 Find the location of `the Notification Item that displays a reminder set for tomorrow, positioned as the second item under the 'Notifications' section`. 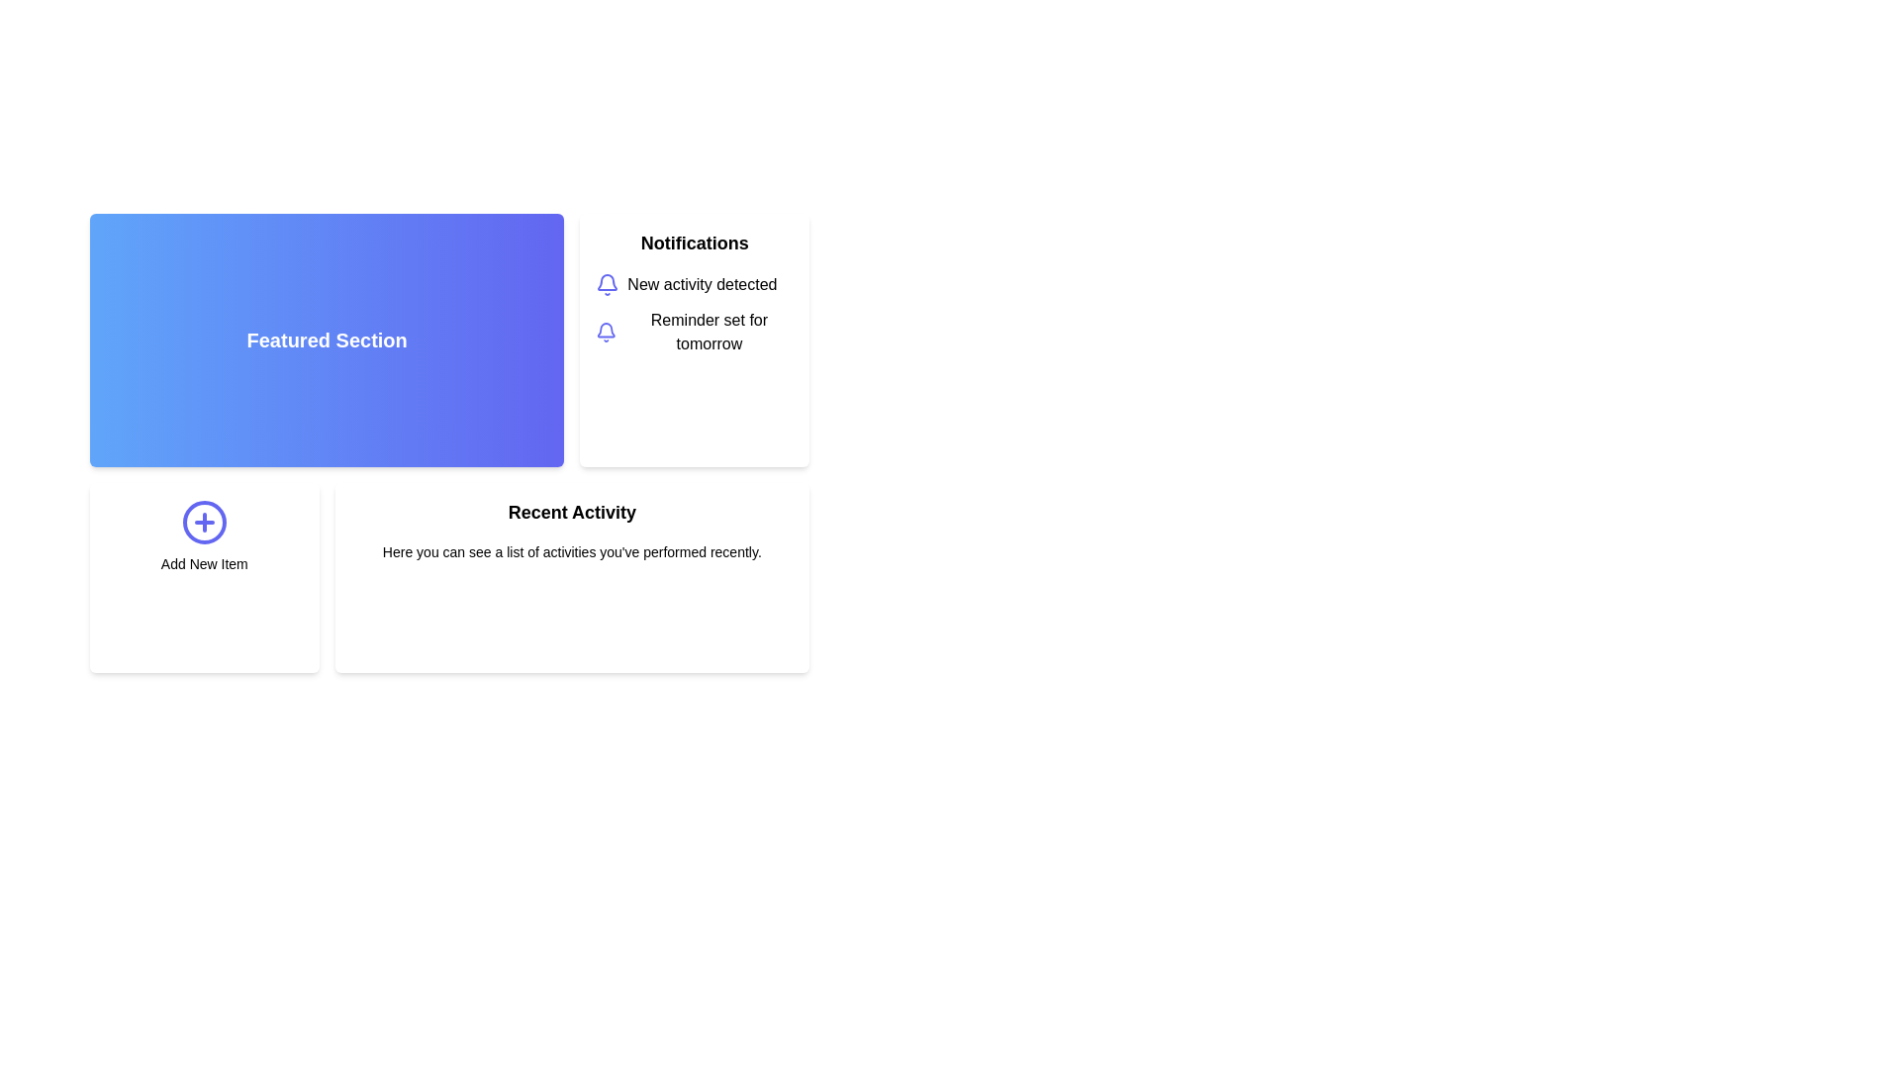

the Notification Item that displays a reminder set for tomorrow, positioned as the second item under the 'Notifications' section is located at coordinates (695, 331).